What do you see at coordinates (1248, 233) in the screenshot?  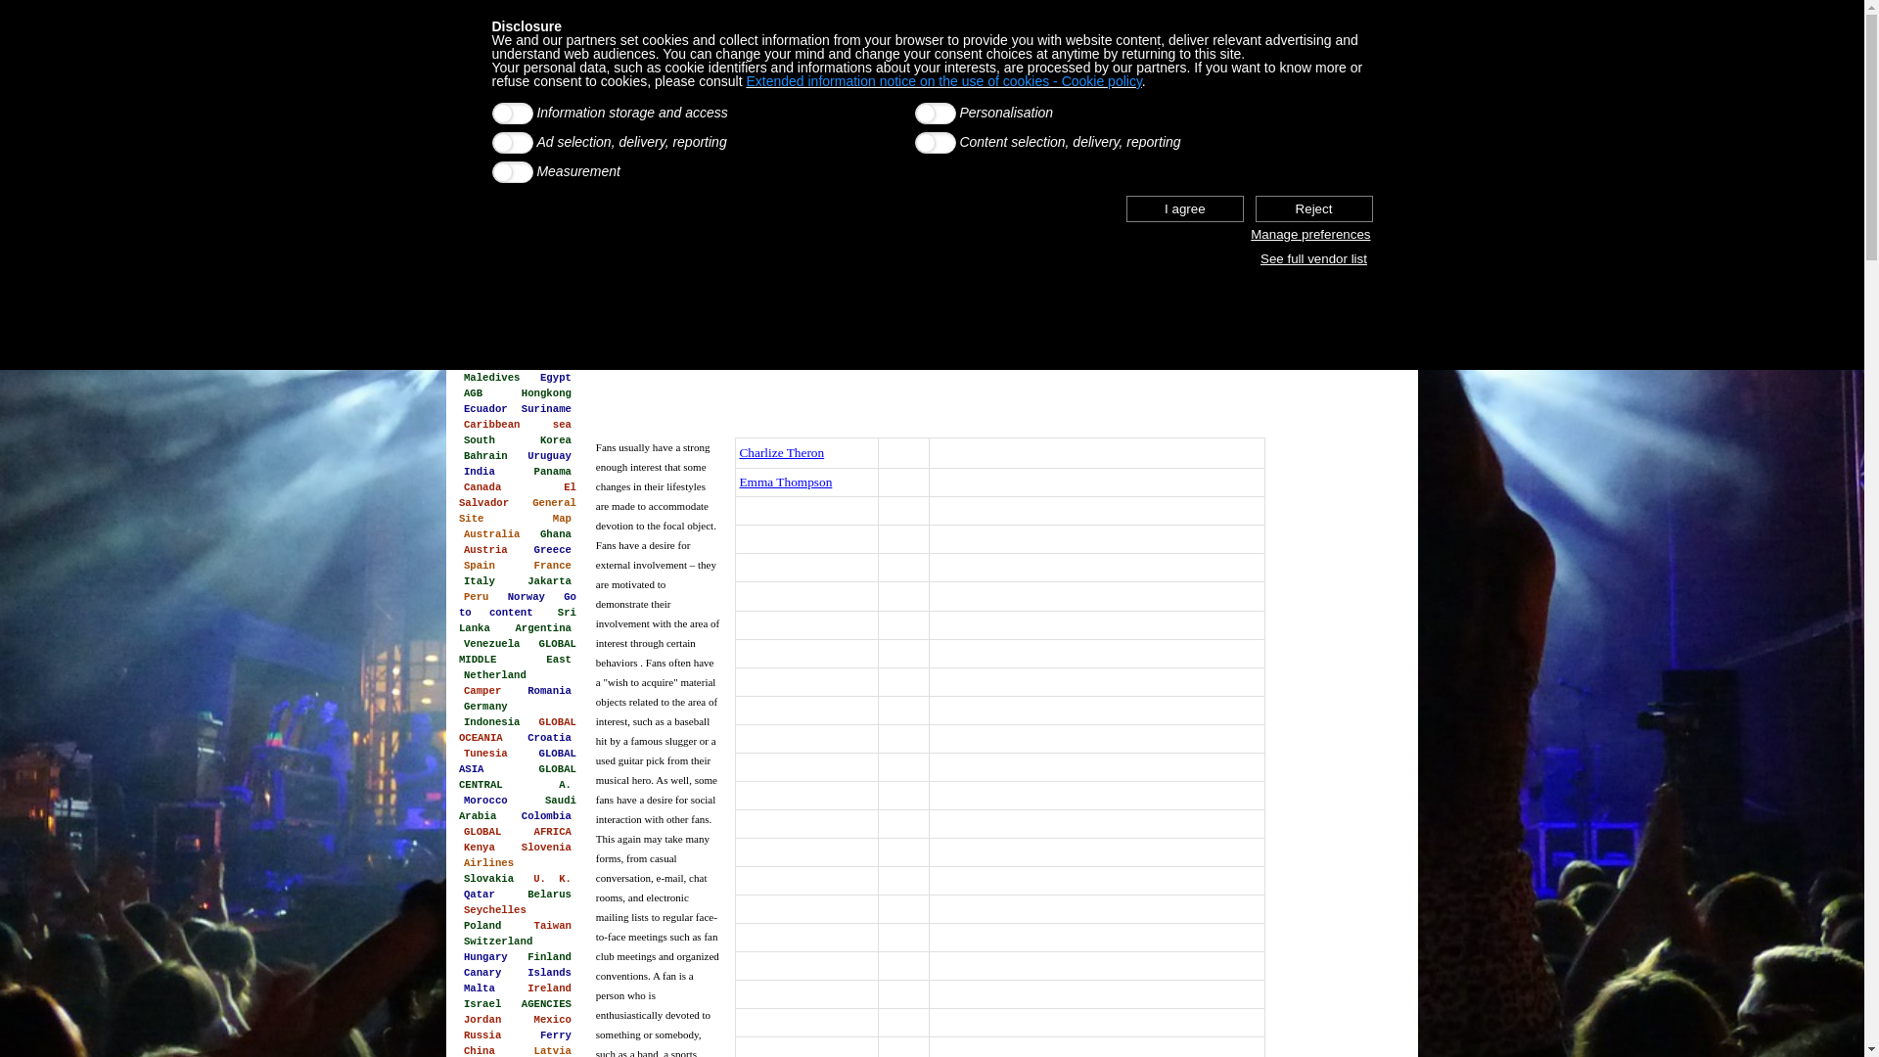 I see `'Manage preferences'` at bounding box center [1248, 233].